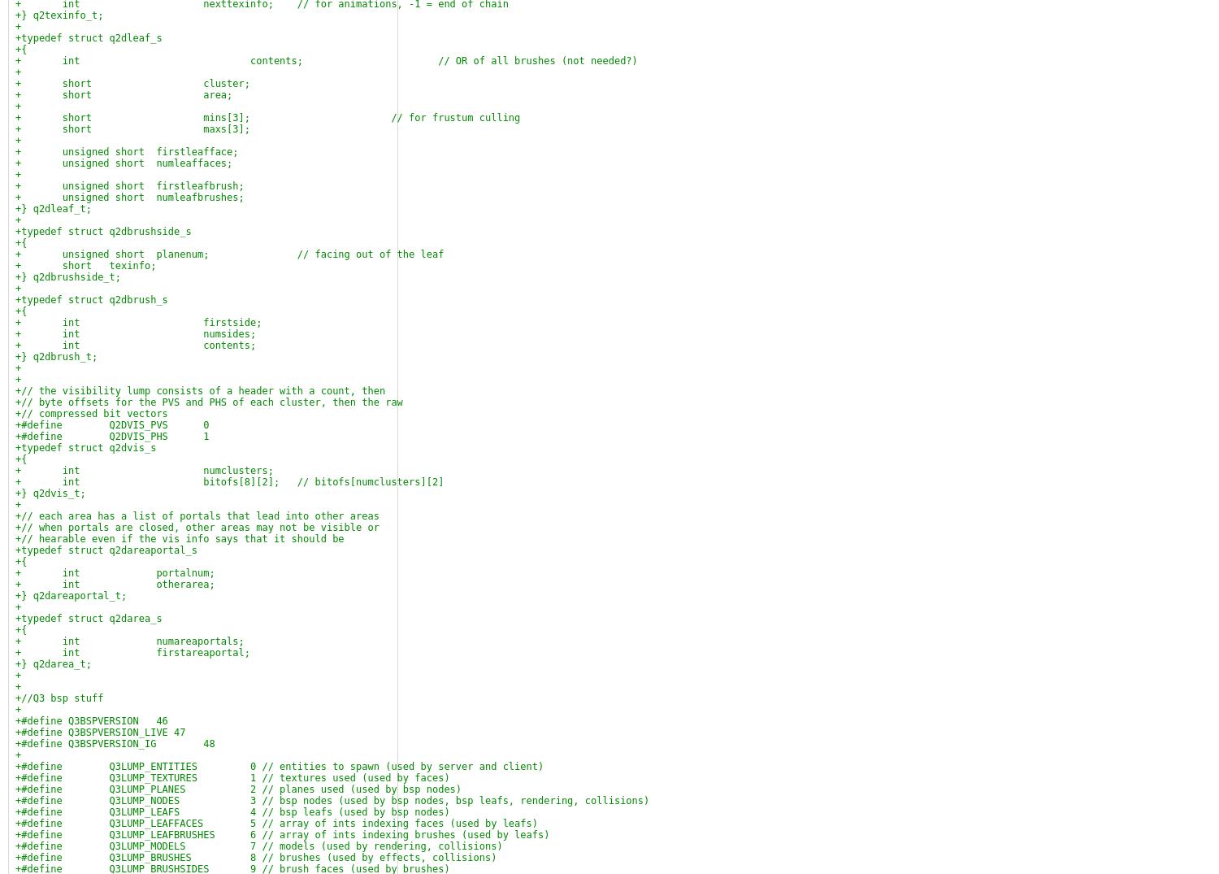 This screenshot has width=1219, height=874. Describe the element at coordinates (112, 435) in the screenshot. I see `'+#define        Q2DVIS_PHS      1'` at that location.